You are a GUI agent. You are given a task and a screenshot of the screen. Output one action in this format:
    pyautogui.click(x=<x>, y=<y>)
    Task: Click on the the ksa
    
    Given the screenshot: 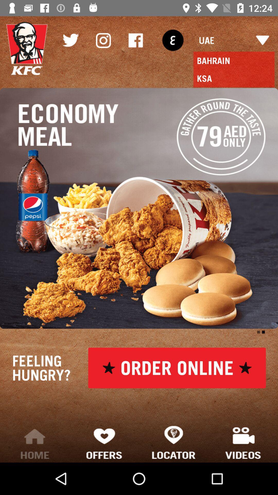 What is the action you would take?
    pyautogui.click(x=234, y=78)
    